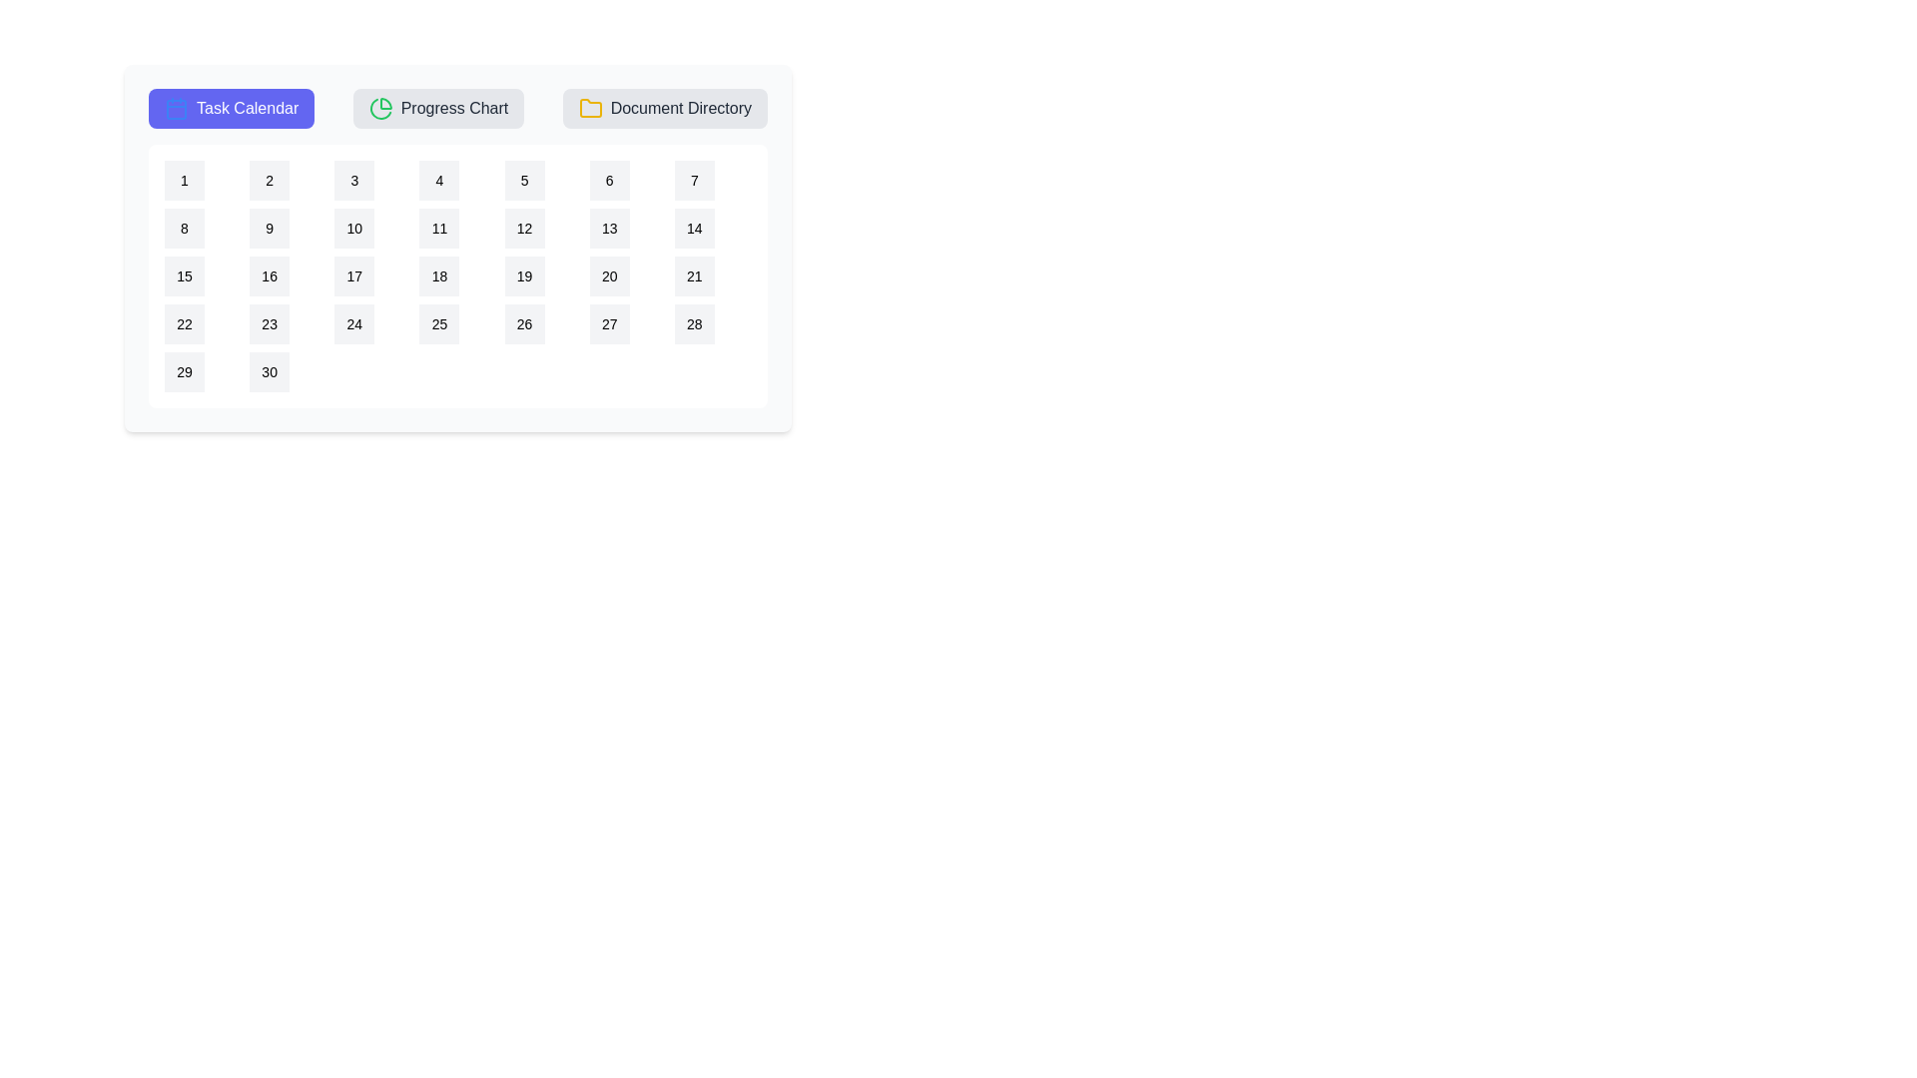 This screenshot has width=1917, height=1078. Describe the element at coordinates (354, 181) in the screenshot. I see `the calendar date 3` at that location.